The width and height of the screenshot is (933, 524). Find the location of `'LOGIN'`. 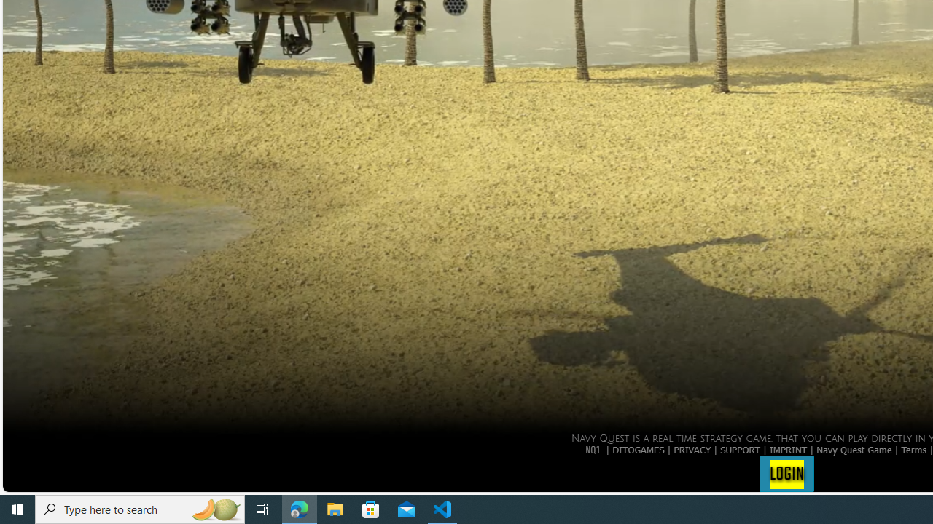

'LOGIN' is located at coordinates (786, 473).